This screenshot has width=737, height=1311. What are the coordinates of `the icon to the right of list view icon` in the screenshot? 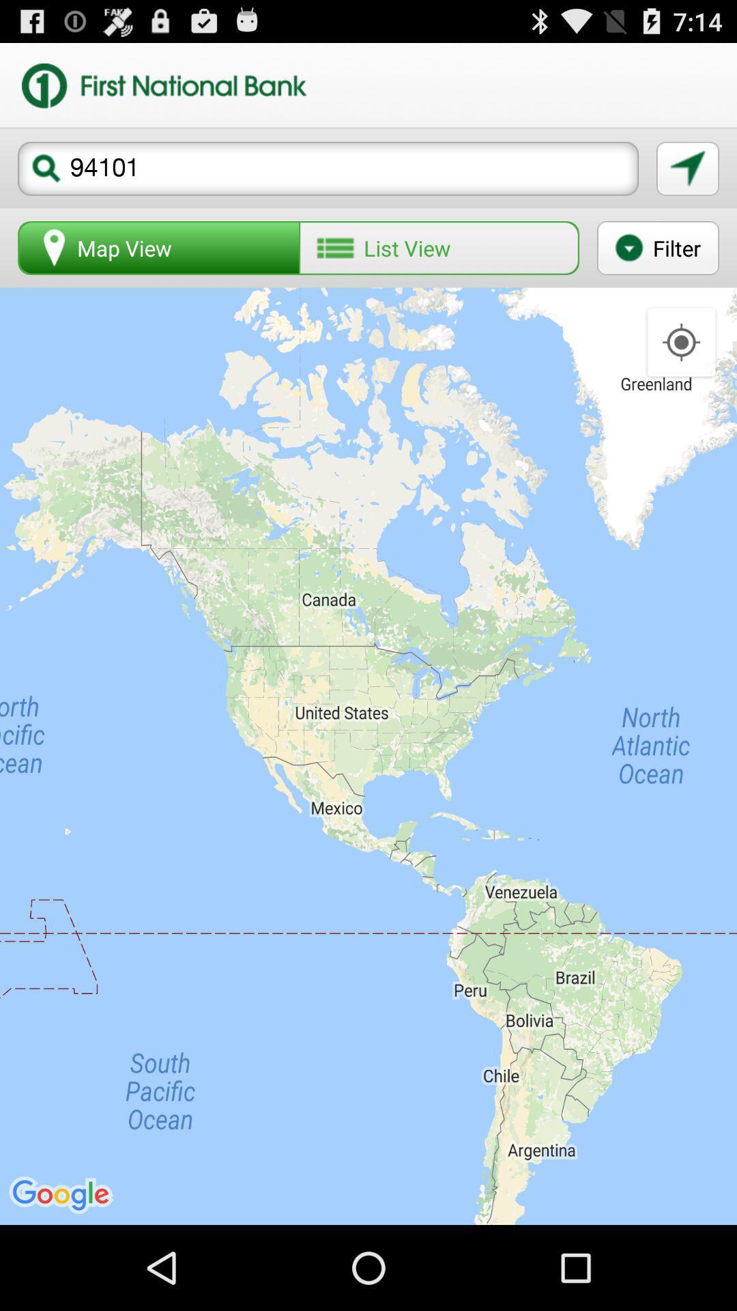 It's located at (657, 248).